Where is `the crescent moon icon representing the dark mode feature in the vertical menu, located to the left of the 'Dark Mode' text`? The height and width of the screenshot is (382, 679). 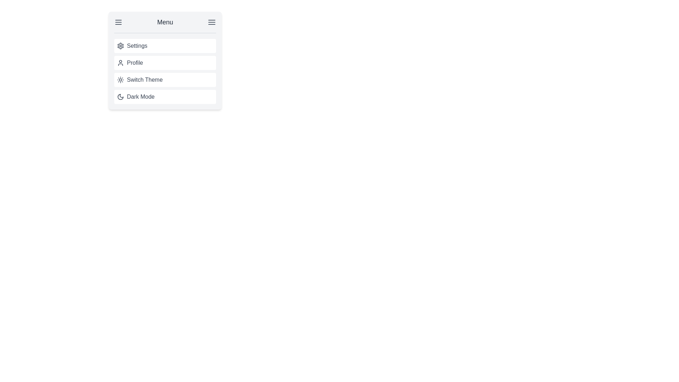 the crescent moon icon representing the dark mode feature in the vertical menu, located to the left of the 'Dark Mode' text is located at coordinates (120, 97).